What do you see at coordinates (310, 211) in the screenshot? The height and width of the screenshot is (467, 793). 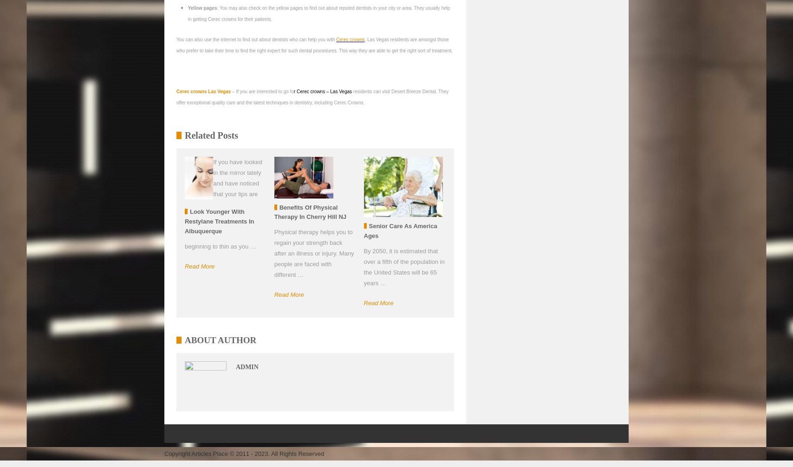 I see `'Benefits of Physical Therapy in Cherry Hill NJ'` at bounding box center [310, 211].